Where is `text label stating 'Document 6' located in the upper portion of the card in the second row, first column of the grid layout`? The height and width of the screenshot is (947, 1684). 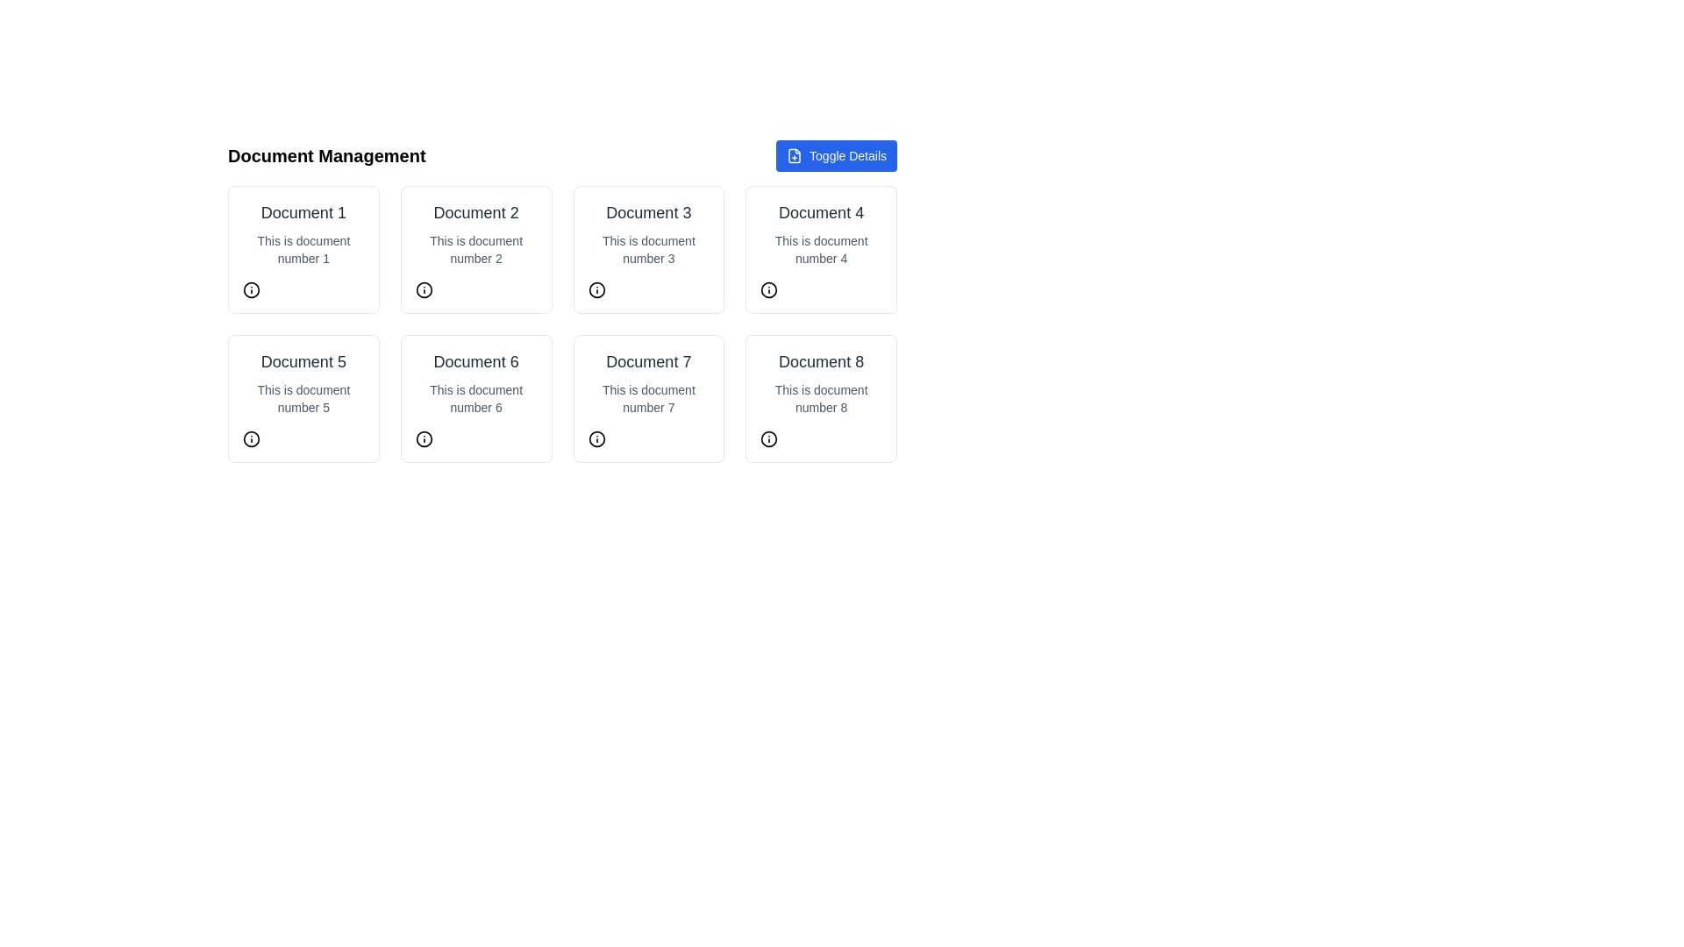
text label stating 'Document 6' located in the upper portion of the card in the second row, first column of the grid layout is located at coordinates (476, 360).